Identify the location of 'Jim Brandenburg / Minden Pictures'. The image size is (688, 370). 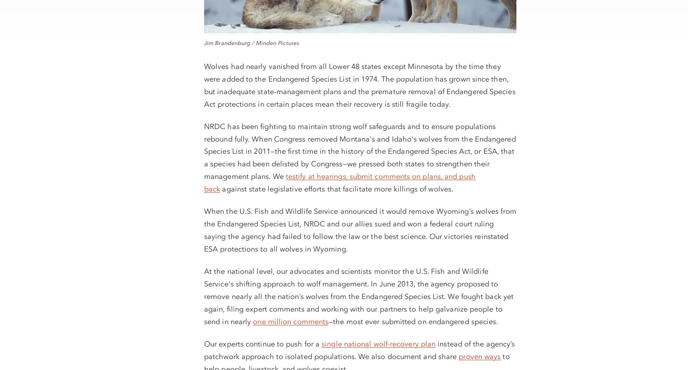
(251, 43).